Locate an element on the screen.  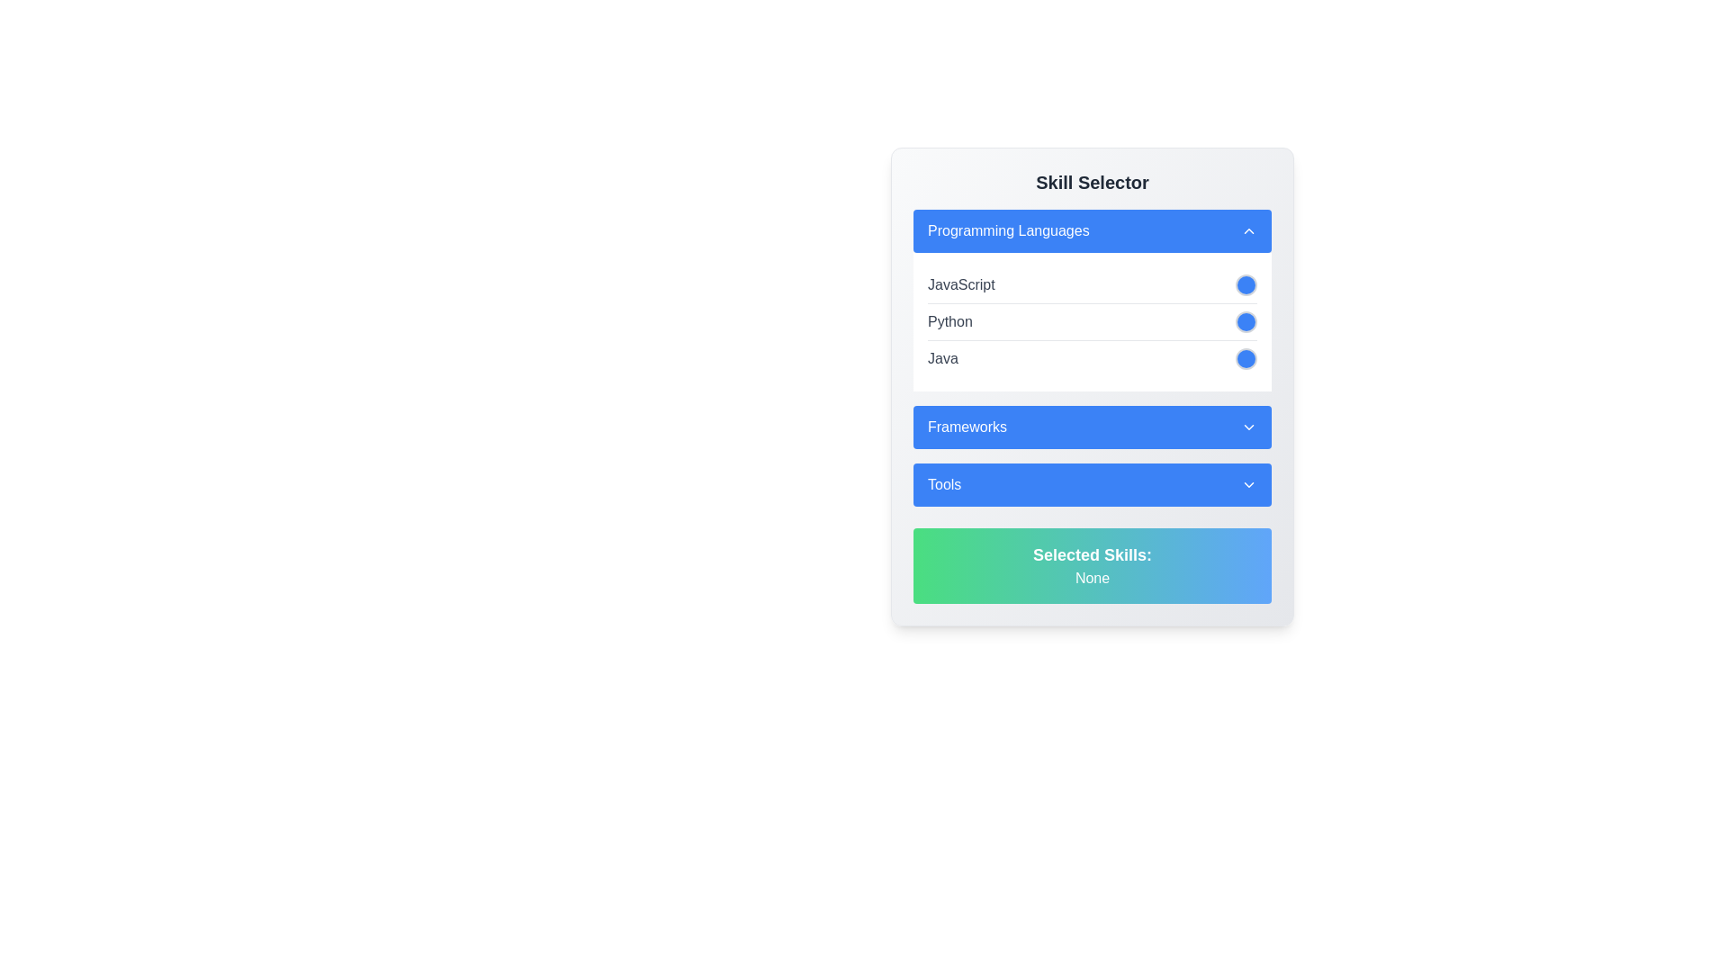
the chevron icon located to the right of the 'Frameworks' button in the 'Skill Selector' component is located at coordinates (1247, 427).